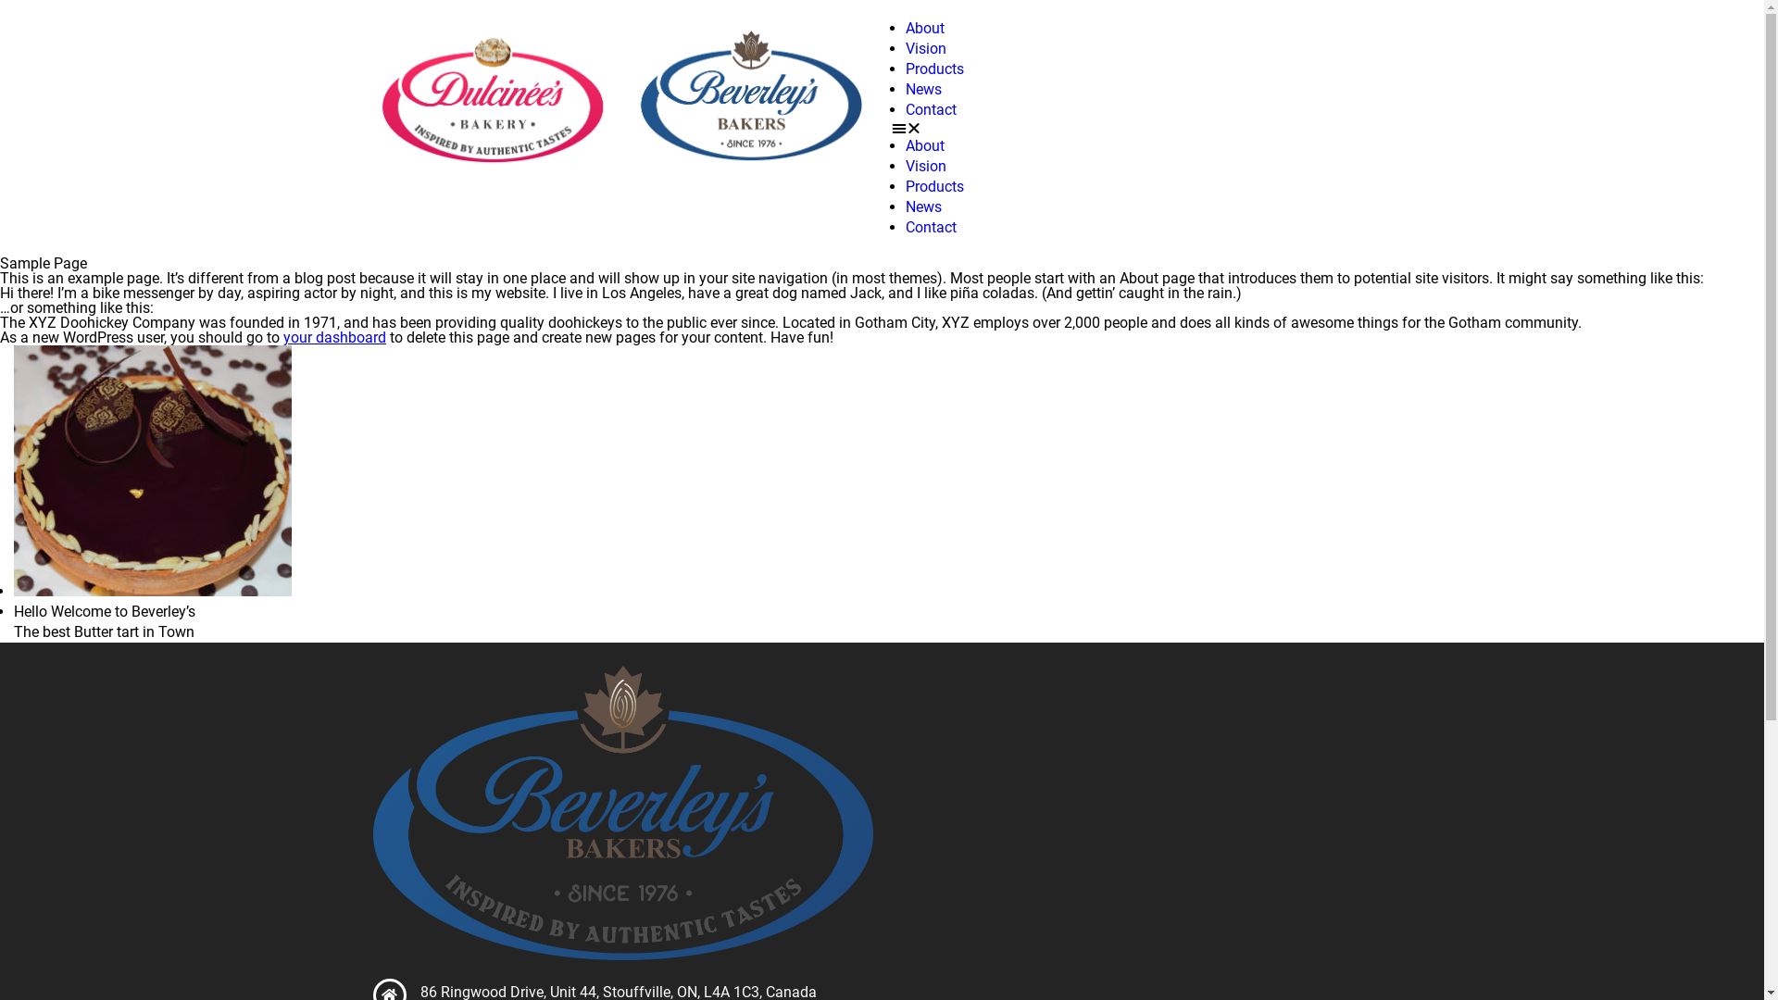 The width and height of the screenshot is (1778, 1000). What do you see at coordinates (924, 144) in the screenshot?
I see `'About'` at bounding box center [924, 144].